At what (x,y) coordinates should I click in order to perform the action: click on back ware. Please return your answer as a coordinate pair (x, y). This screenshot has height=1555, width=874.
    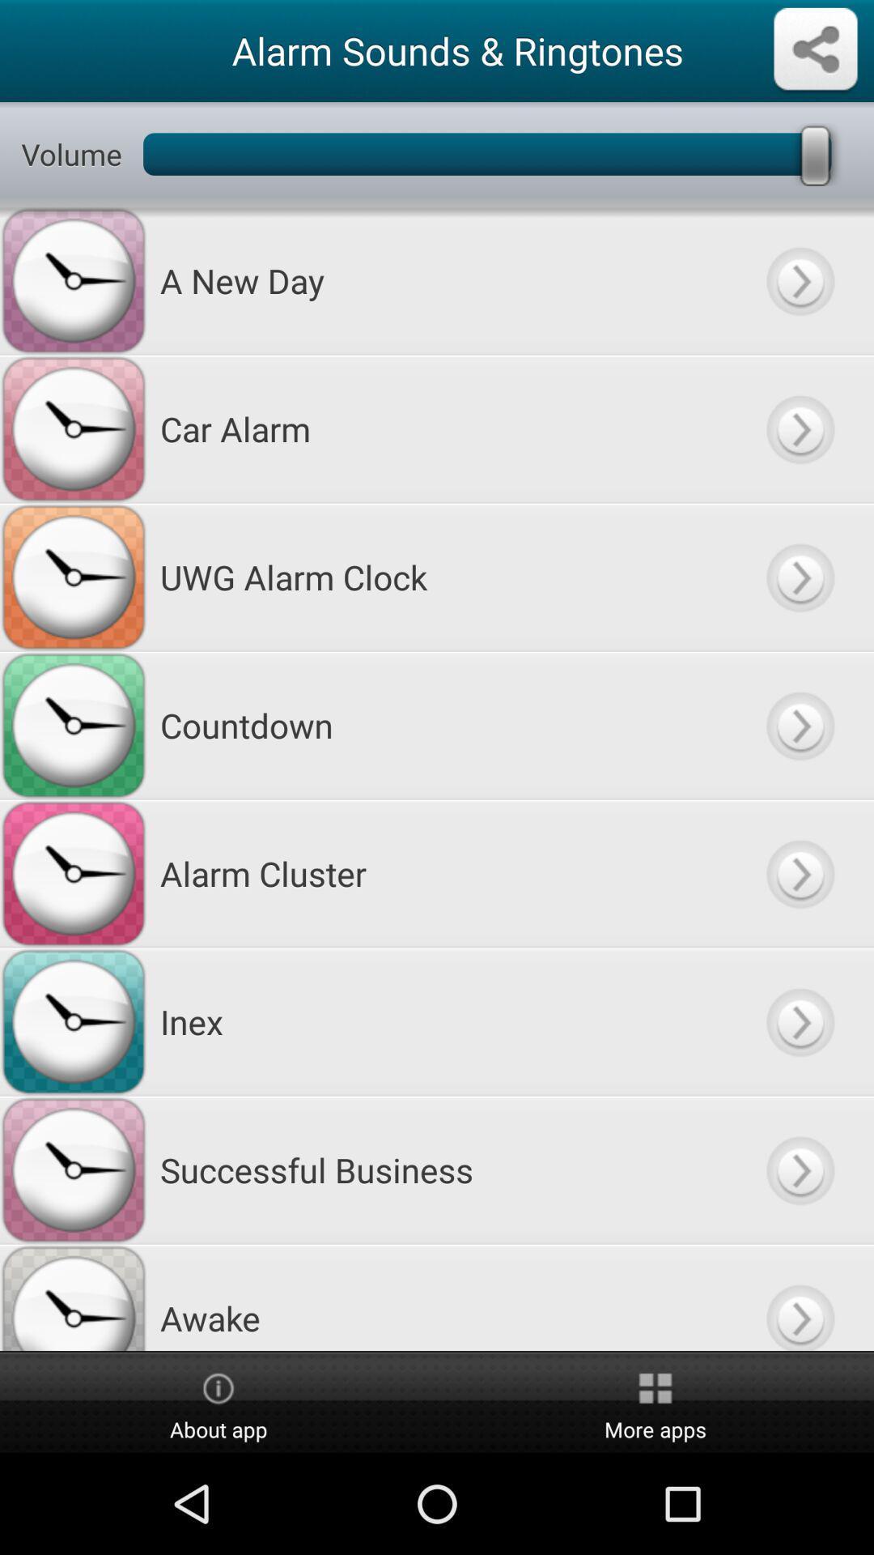
    Looking at the image, I should click on (799, 280).